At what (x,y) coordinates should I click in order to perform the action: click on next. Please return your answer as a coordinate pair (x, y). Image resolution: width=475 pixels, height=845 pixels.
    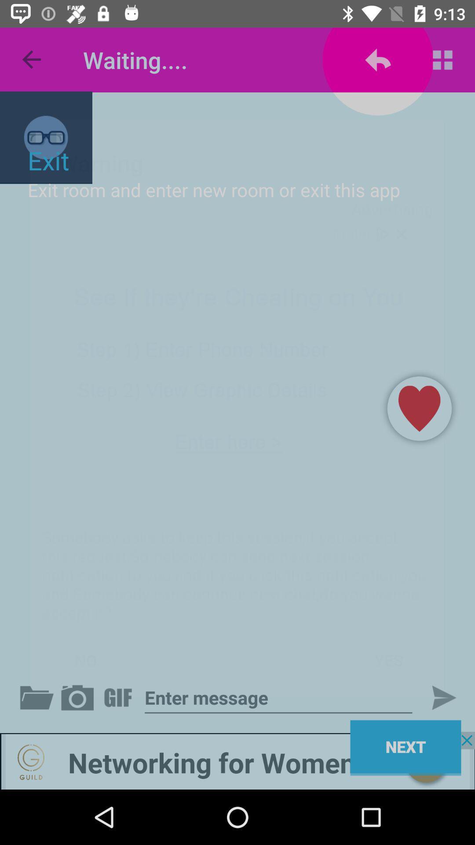
    Looking at the image, I should click on (278, 697).